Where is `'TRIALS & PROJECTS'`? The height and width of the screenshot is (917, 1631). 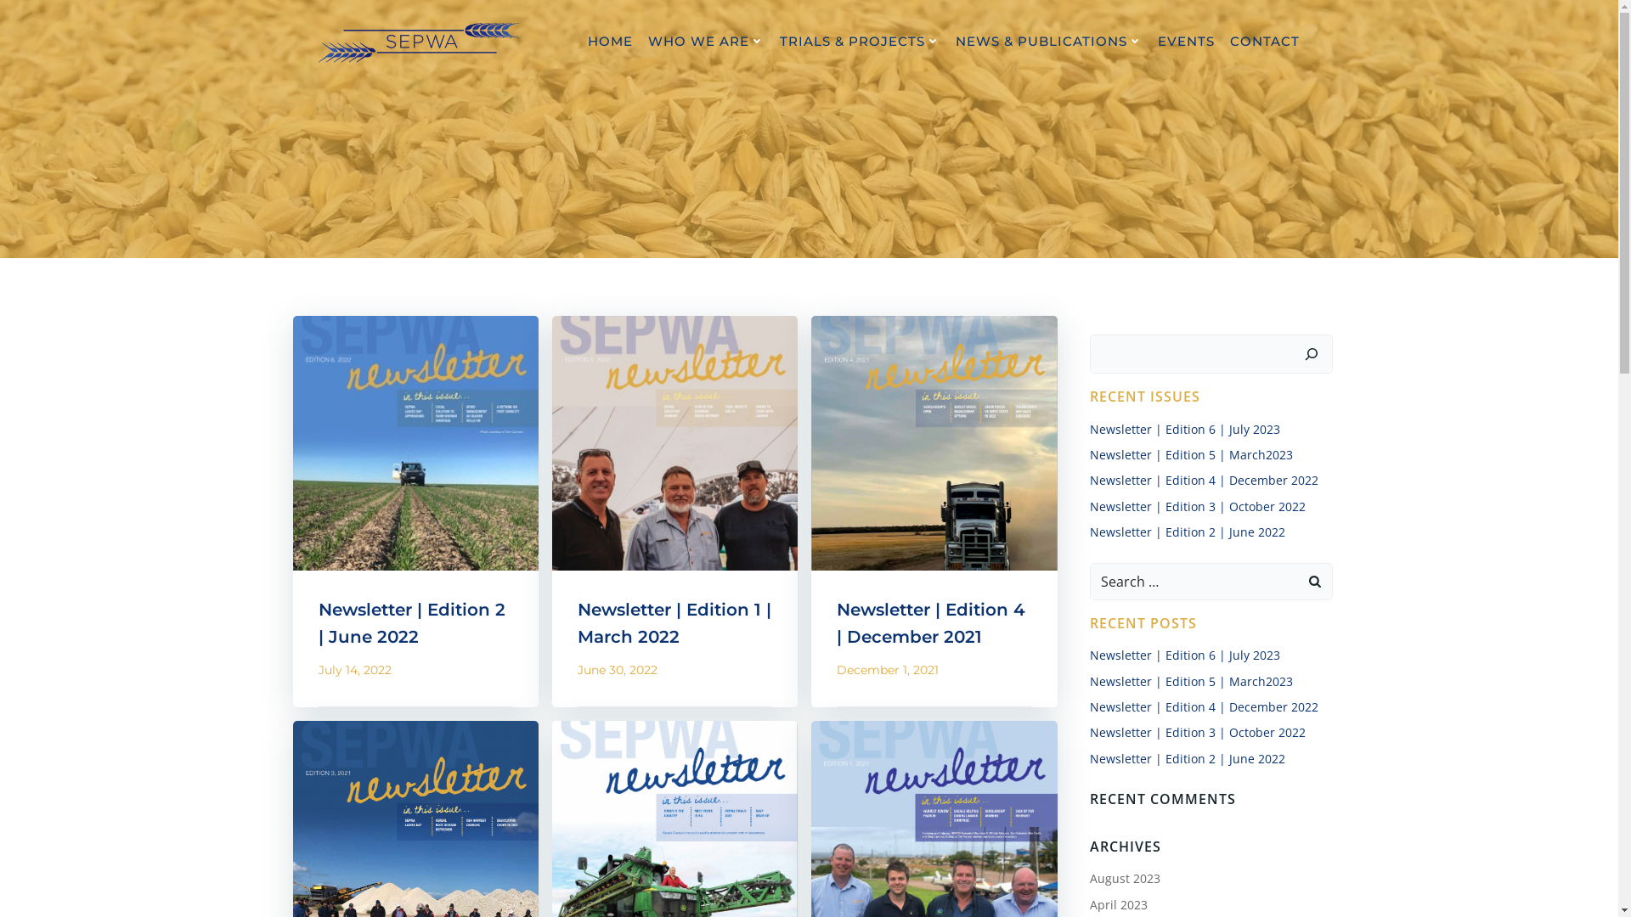 'TRIALS & PROJECTS' is located at coordinates (860, 41).